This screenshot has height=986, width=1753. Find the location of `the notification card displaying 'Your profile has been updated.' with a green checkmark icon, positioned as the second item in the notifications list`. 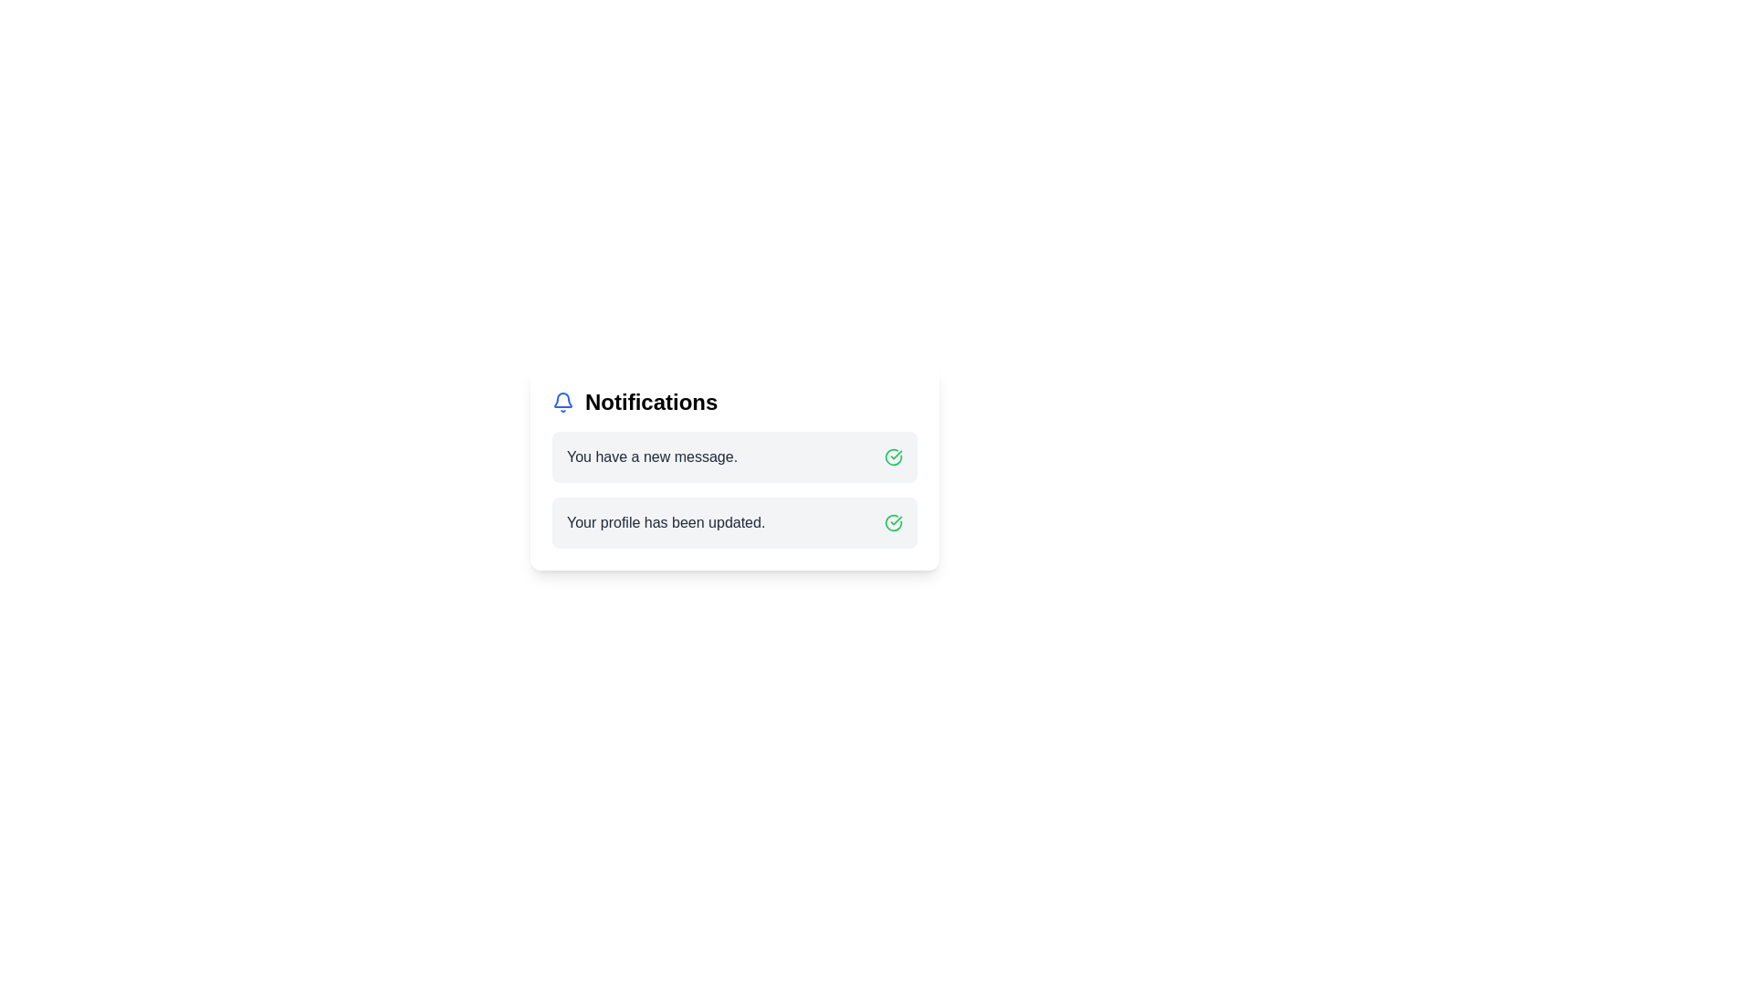

the notification card displaying 'Your profile has been updated.' with a green checkmark icon, positioned as the second item in the notifications list is located at coordinates (735, 523).